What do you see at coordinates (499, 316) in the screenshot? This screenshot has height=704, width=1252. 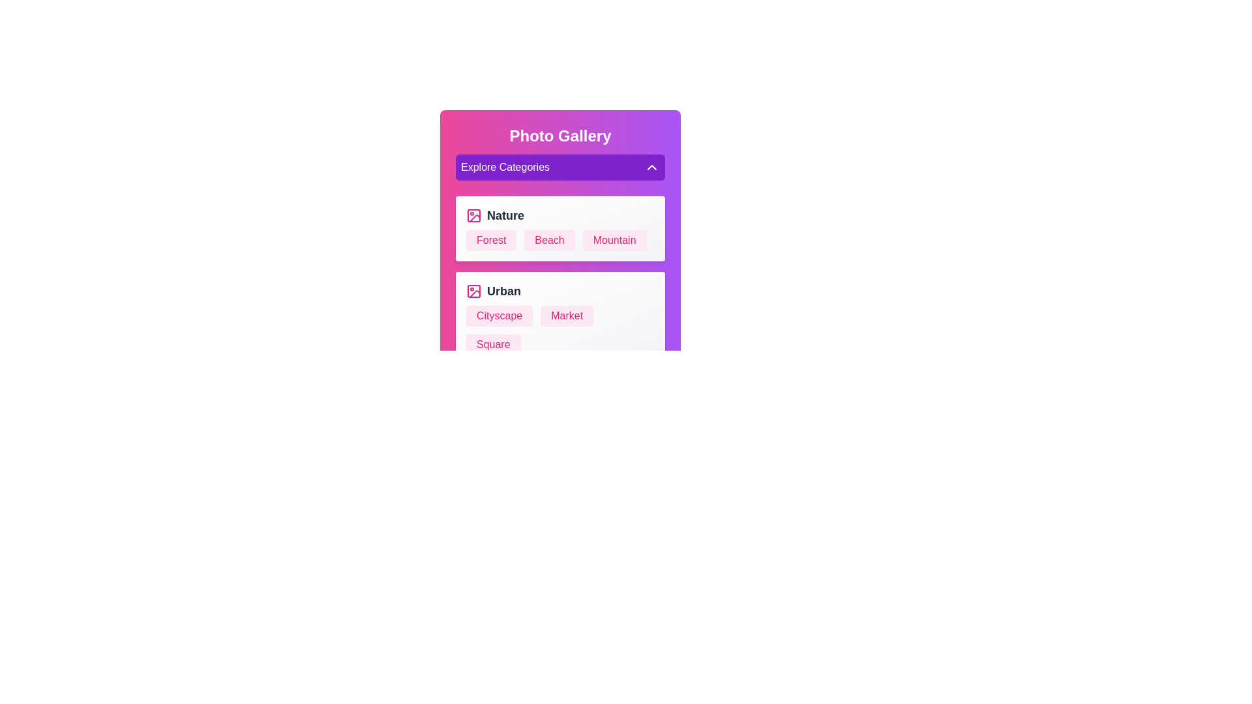 I see `the photo name Cityscape to select it` at bounding box center [499, 316].